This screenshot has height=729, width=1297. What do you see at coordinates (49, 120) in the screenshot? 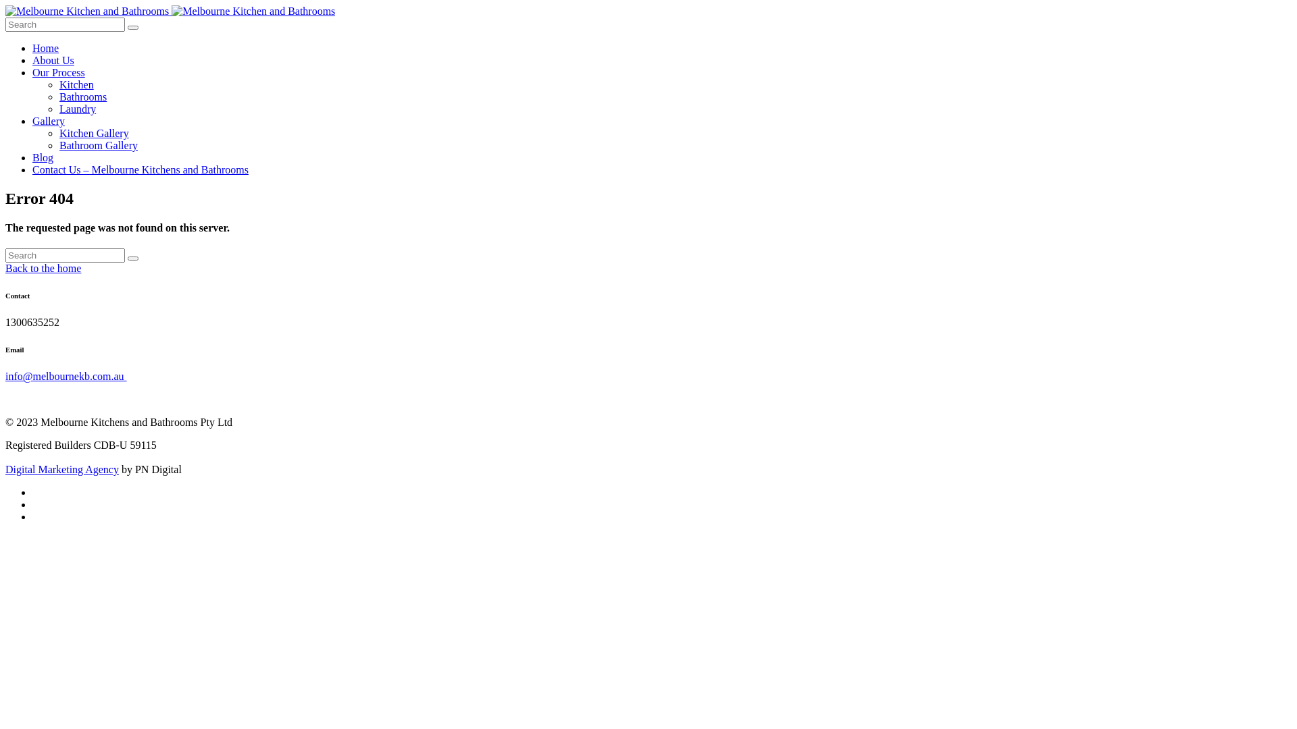
I see `'Gallery'` at bounding box center [49, 120].